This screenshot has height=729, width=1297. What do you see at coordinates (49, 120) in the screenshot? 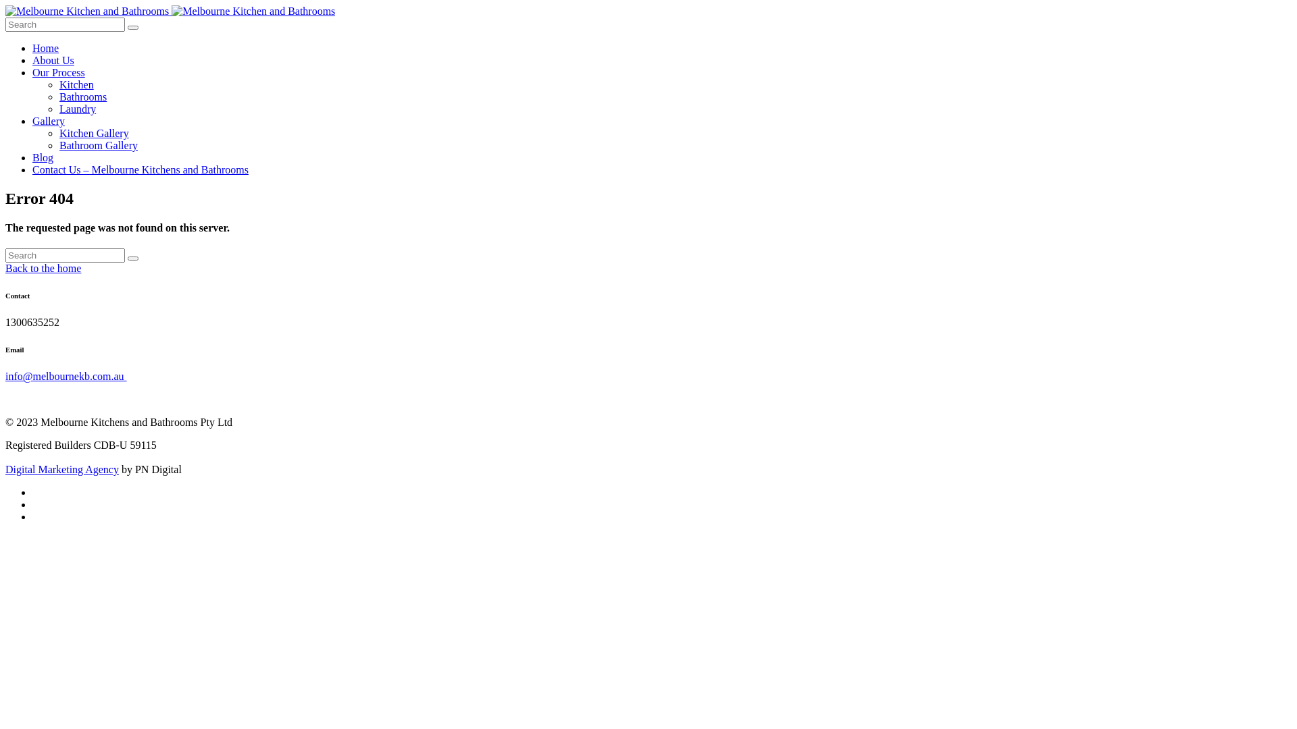
I see `'Gallery'` at bounding box center [49, 120].